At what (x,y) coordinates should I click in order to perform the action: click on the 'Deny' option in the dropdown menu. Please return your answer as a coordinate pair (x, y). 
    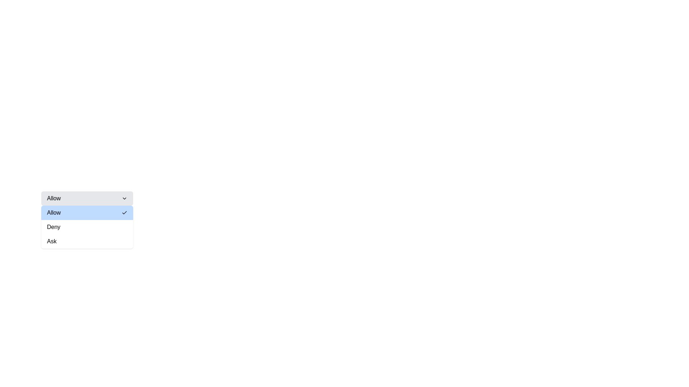
    Looking at the image, I should click on (87, 227).